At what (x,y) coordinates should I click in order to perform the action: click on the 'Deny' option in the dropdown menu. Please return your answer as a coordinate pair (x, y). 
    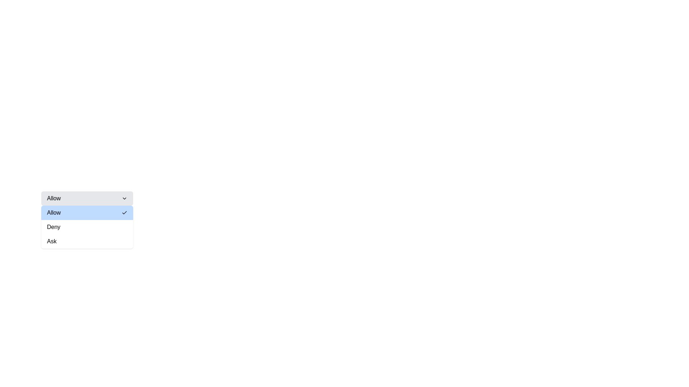
    Looking at the image, I should click on (87, 227).